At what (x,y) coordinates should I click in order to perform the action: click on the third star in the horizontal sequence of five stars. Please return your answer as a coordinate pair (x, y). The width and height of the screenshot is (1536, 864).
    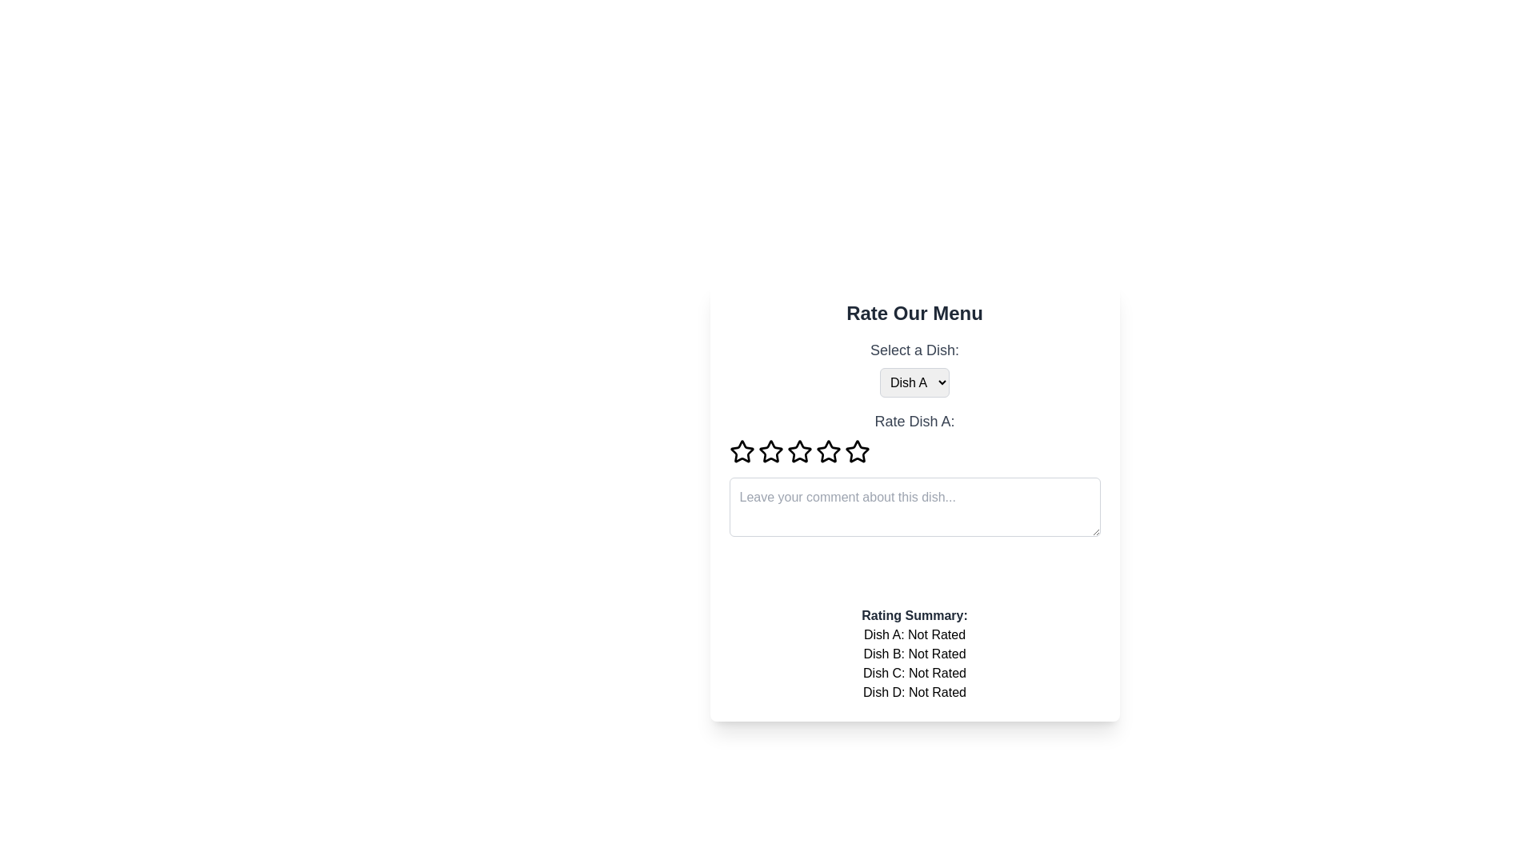
    Looking at the image, I should click on (770, 451).